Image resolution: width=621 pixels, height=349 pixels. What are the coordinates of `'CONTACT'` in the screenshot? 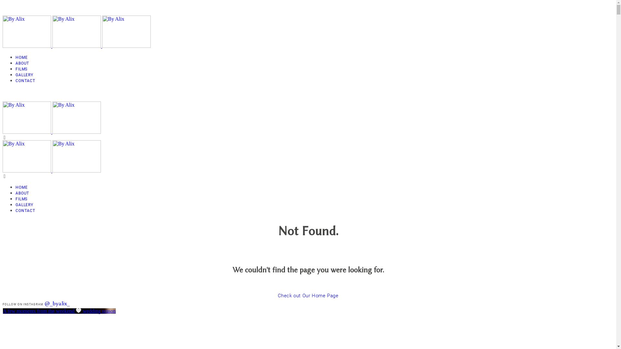 It's located at (25, 80).